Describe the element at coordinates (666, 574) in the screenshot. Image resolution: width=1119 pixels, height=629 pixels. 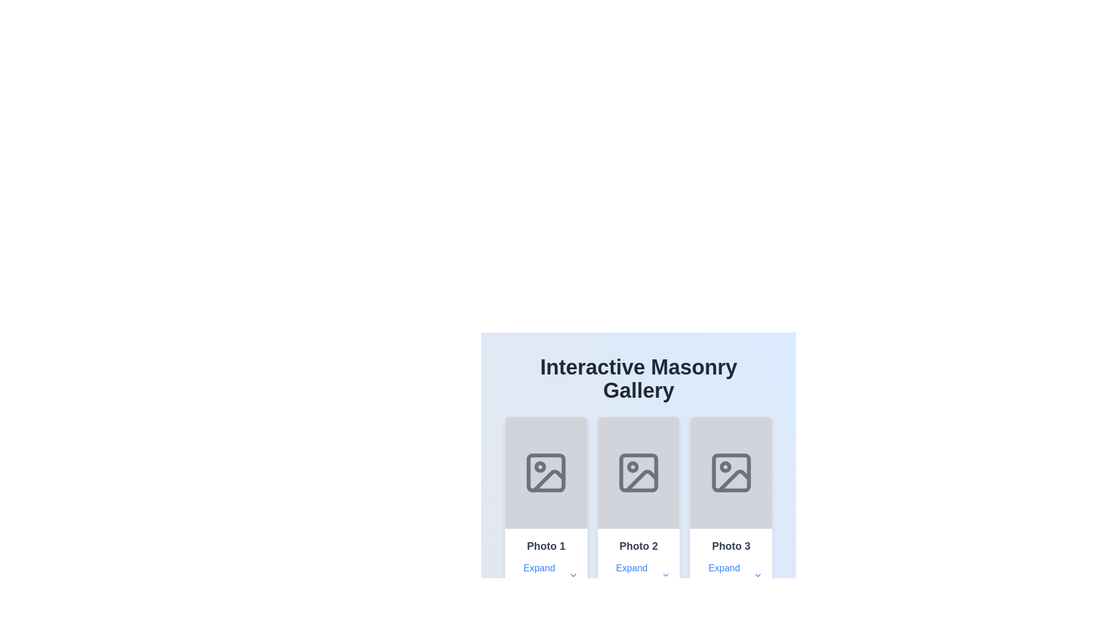
I see `the downward-facing chevron icon that is located immediately to the right of the 'Expand Details' text in the second photo's section` at that location.